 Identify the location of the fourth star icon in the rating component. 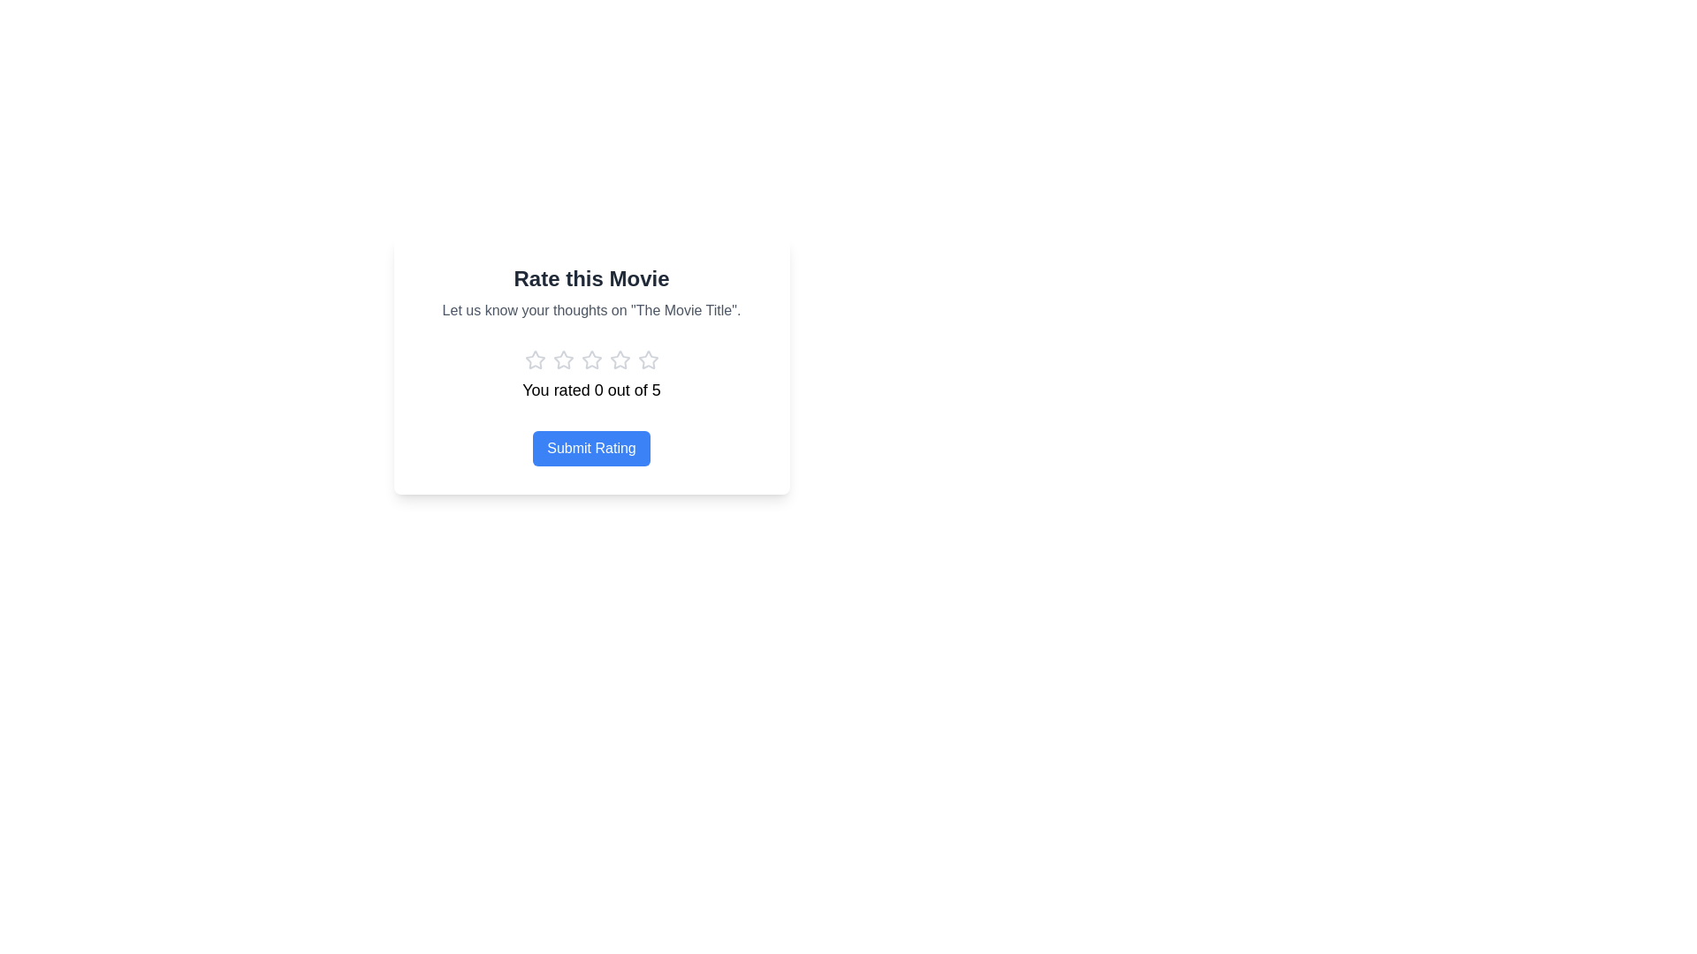
(591, 360).